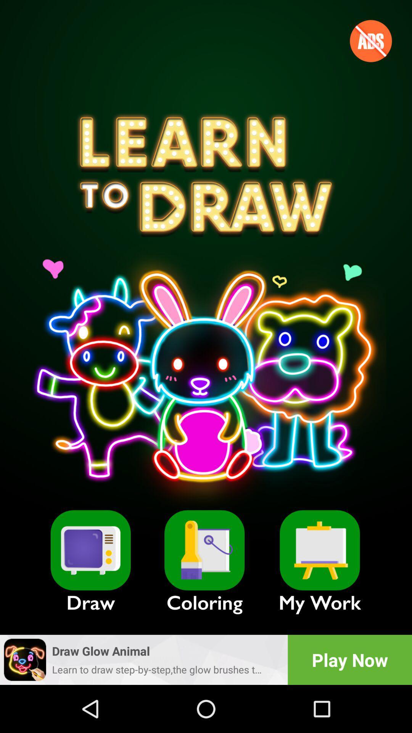 Image resolution: width=412 pixels, height=733 pixels. What do you see at coordinates (350, 659) in the screenshot?
I see `play now app` at bounding box center [350, 659].